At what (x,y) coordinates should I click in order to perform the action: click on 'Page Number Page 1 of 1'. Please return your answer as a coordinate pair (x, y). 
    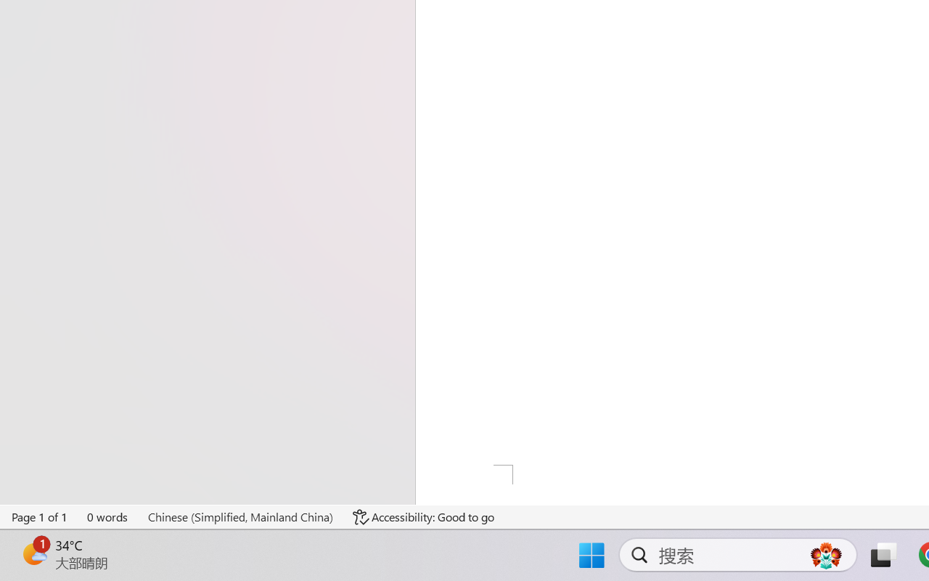
    Looking at the image, I should click on (40, 516).